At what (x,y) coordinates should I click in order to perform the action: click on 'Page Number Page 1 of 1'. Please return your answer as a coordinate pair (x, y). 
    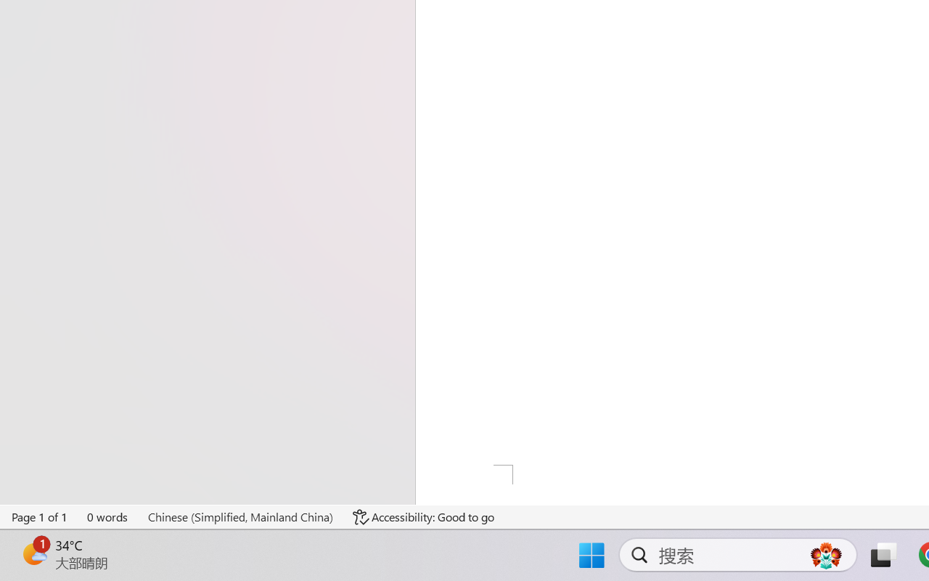
    Looking at the image, I should click on (40, 516).